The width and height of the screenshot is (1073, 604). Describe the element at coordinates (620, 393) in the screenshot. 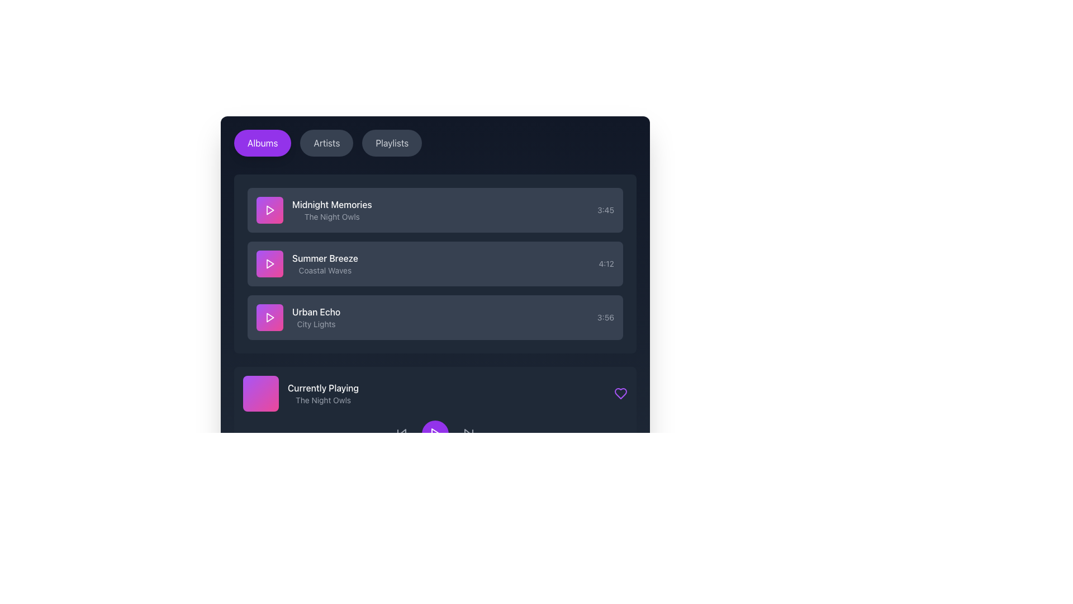

I see `the heart-shaped icon button located in the 'Currently Playing' section` at that location.